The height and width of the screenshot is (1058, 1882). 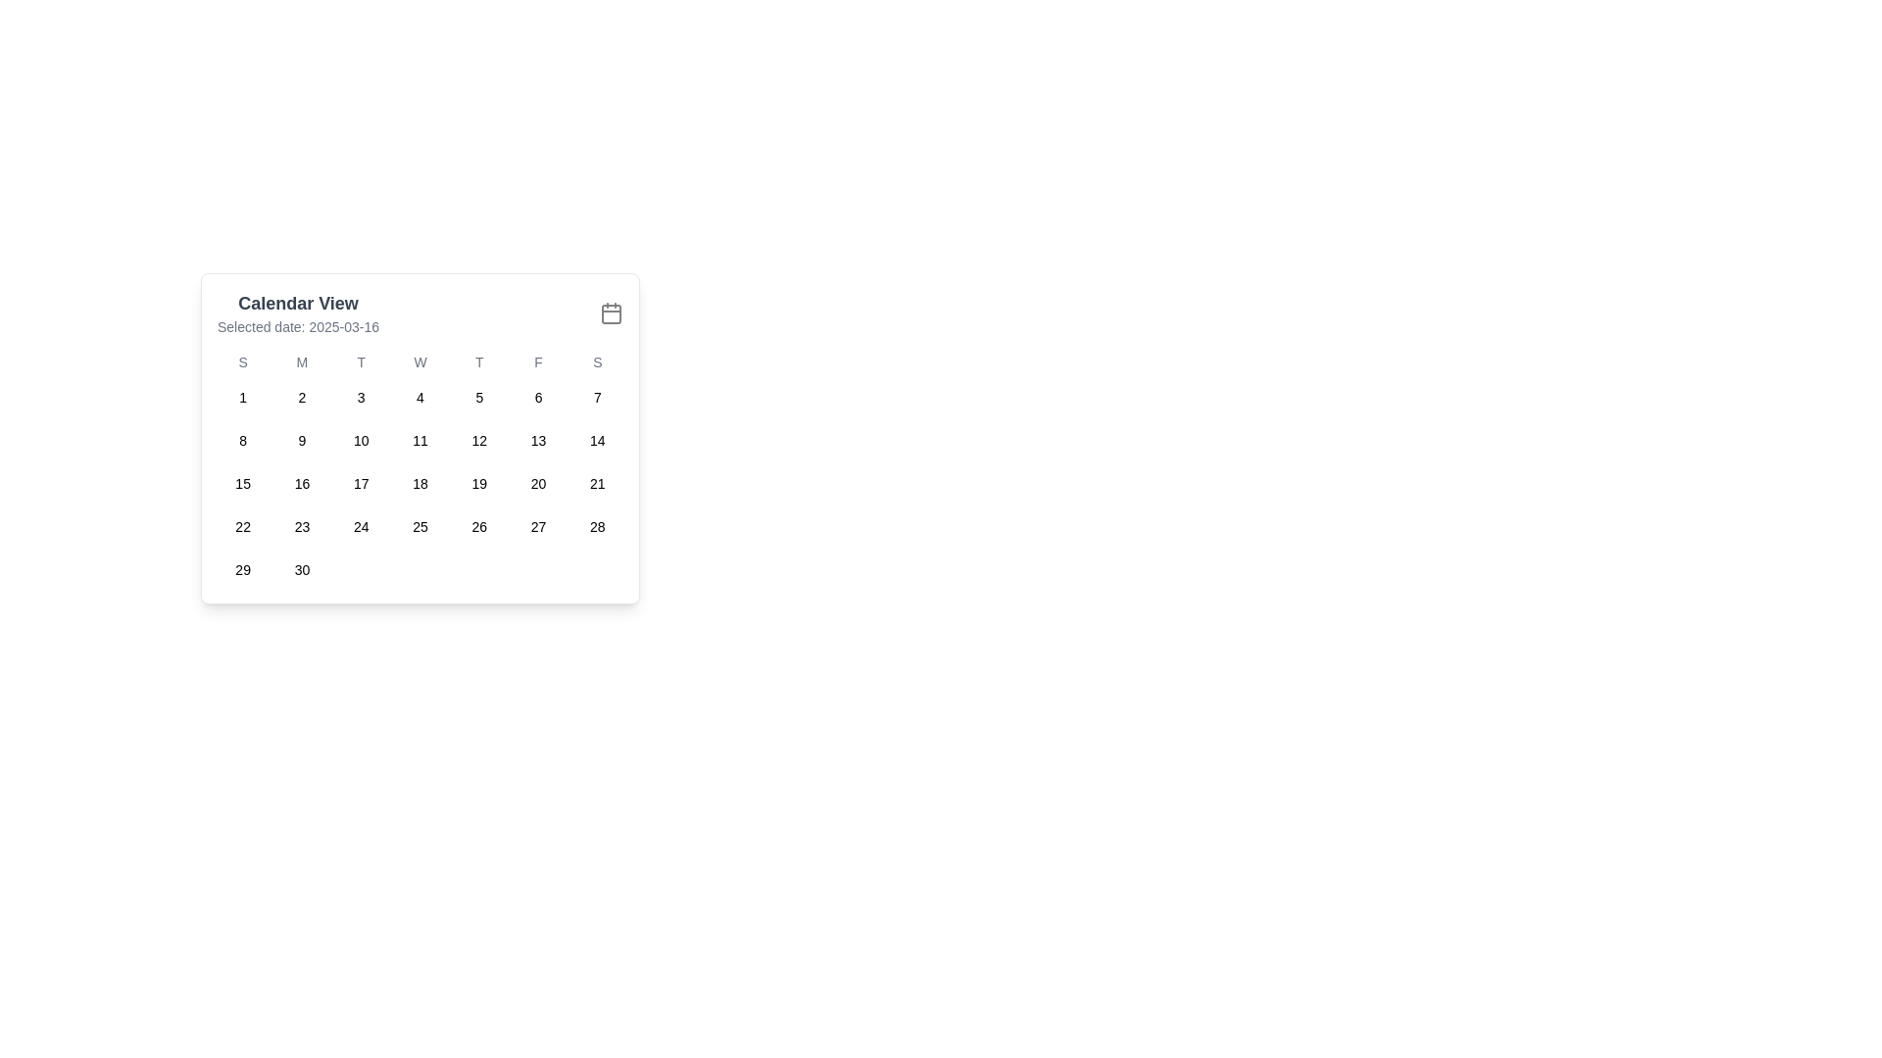 I want to click on the small rounded rectangle button labeled '3' located under the 'T' header, which is positioned in the first row of numbers, third from the left, so click(x=361, y=397).